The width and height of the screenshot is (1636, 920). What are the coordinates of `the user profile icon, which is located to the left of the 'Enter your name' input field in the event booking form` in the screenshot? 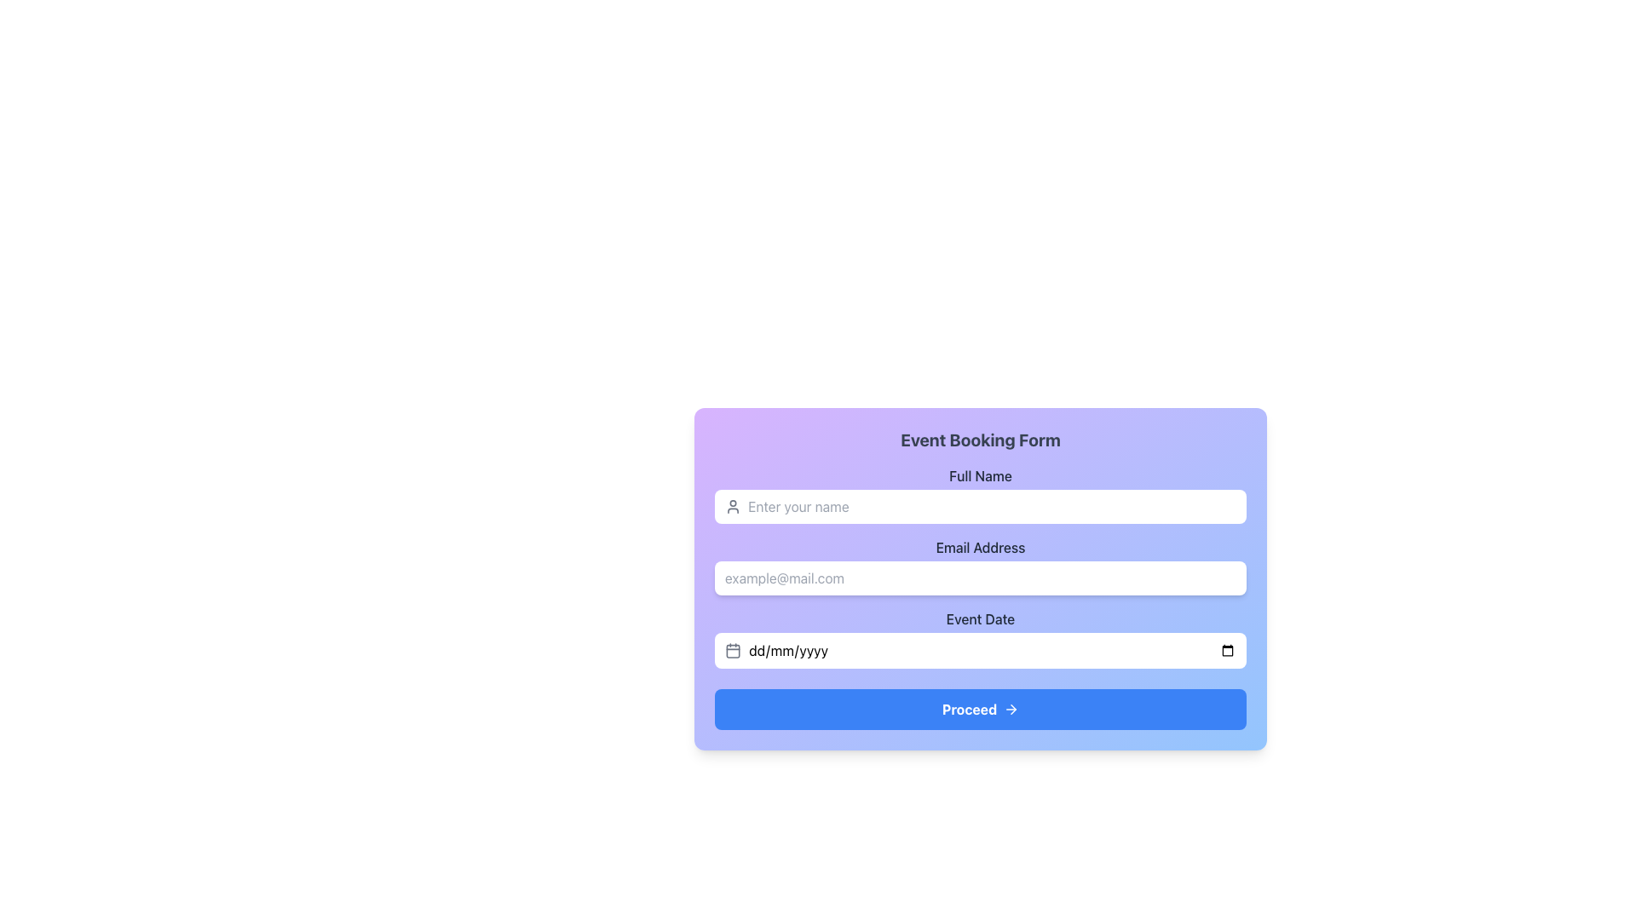 It's located at (733, 505).